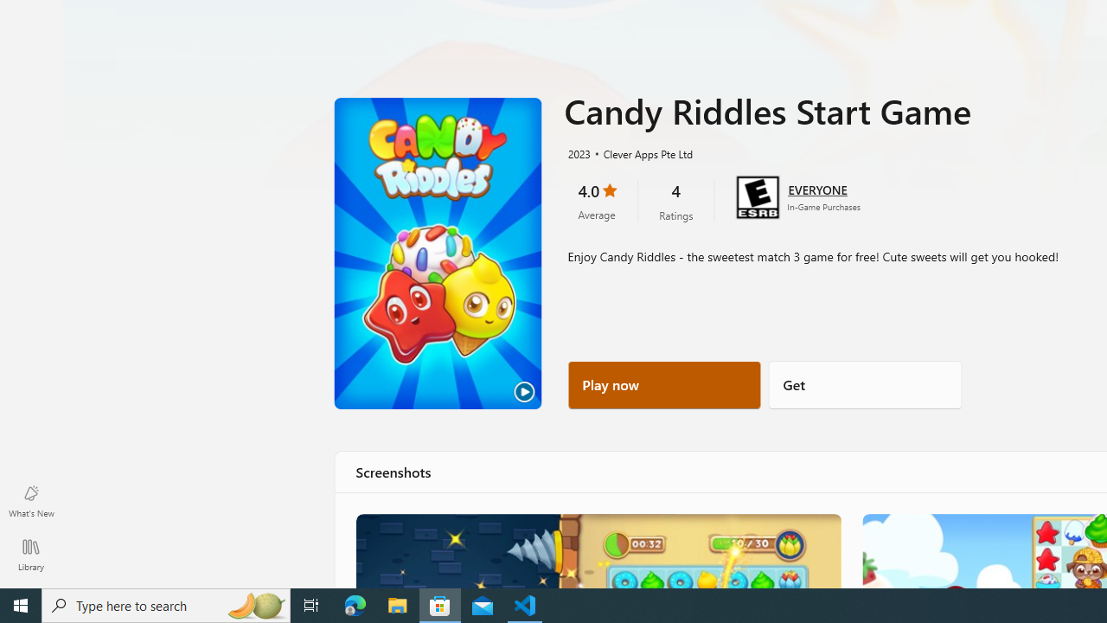  I want to click on 'What', so click(30, 500).